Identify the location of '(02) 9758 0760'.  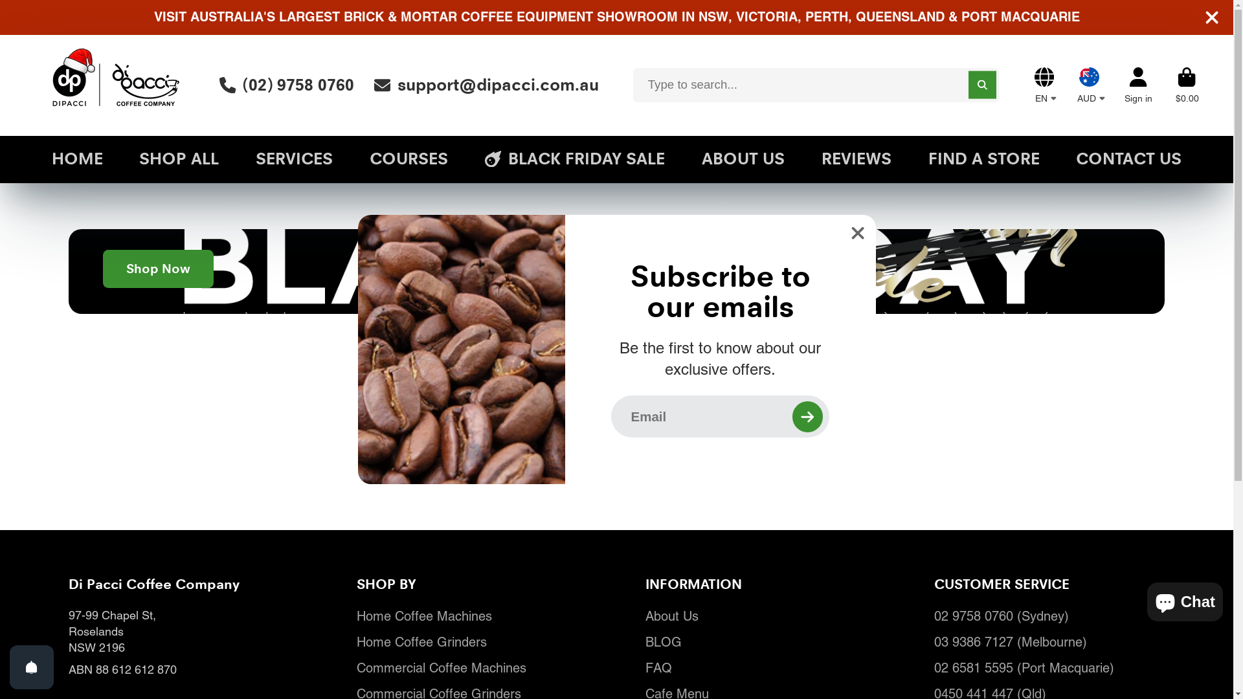
(286, 85).